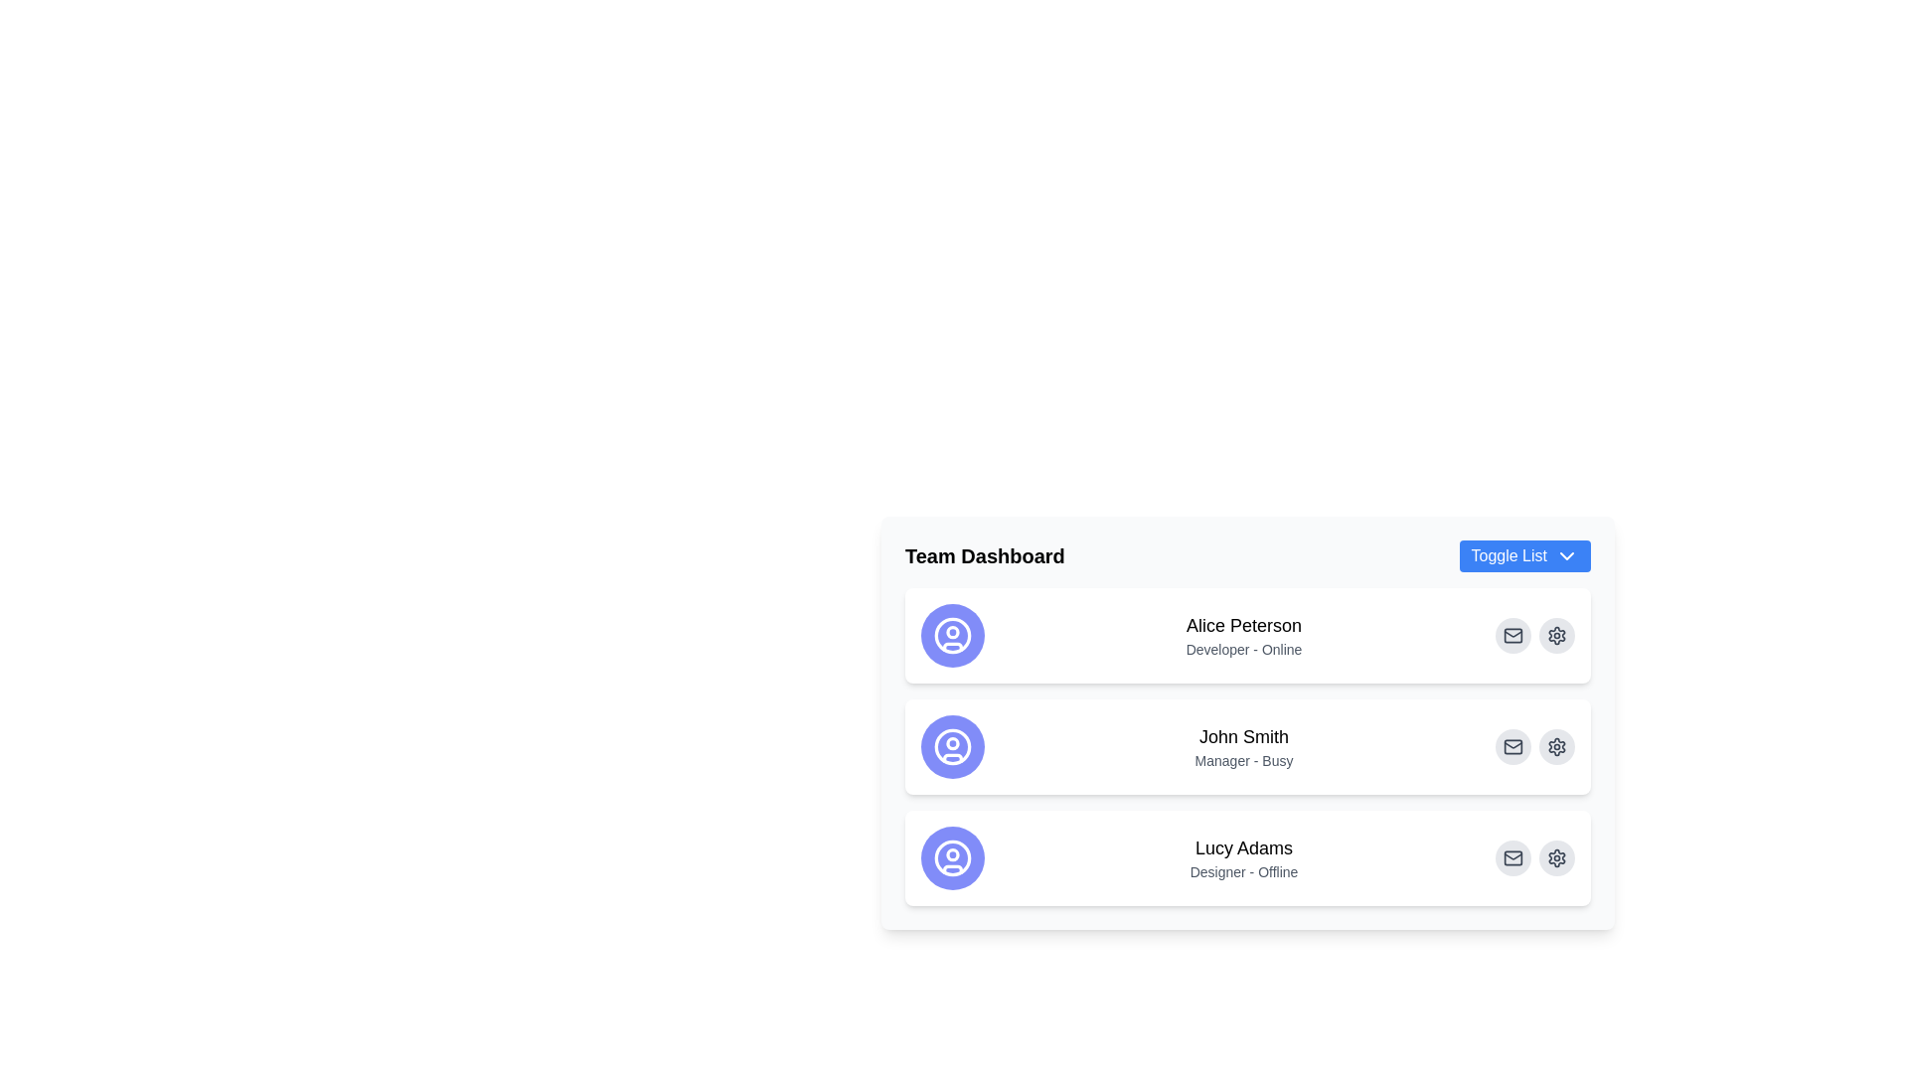 Image resolution: width=1908 pixels, height=1073 pixels. Describe the element at coordinates (952, 857) in the screenshot. I see `the decorative circle icon indicating the user profile in the third row of the user list in the 'Team Dashboard' interface` at that location.